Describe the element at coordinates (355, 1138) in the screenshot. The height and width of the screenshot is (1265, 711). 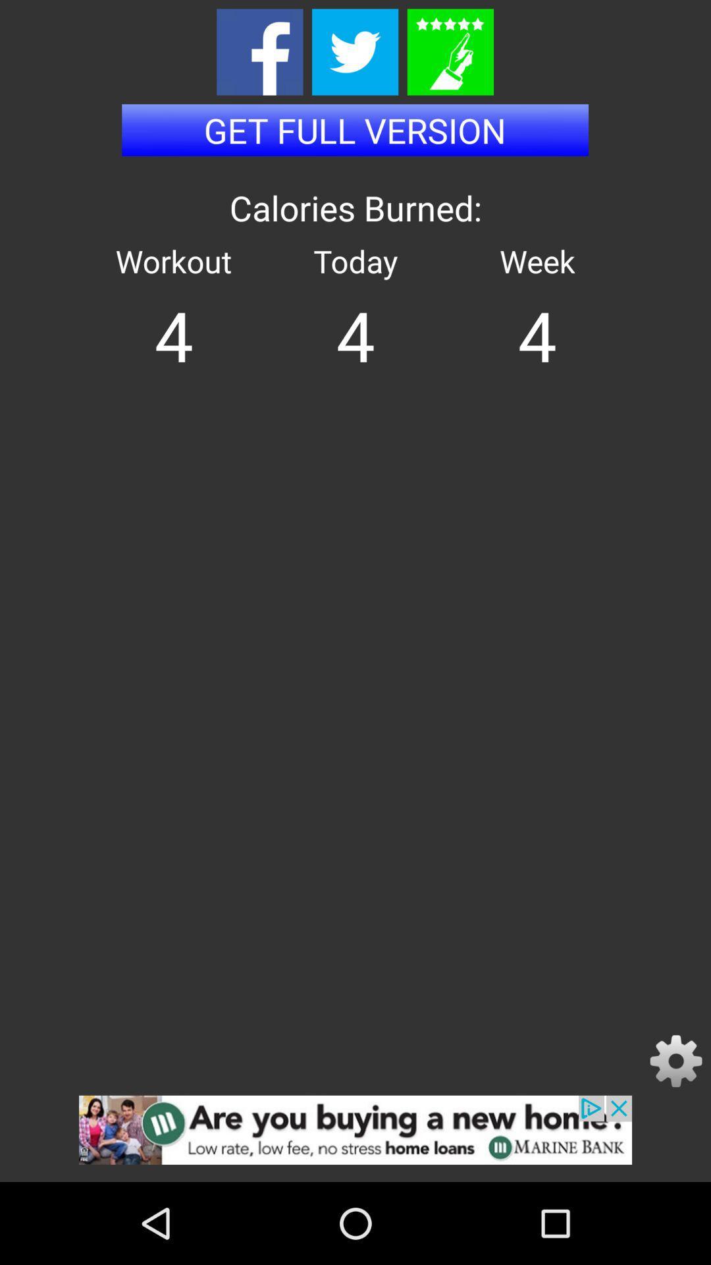
I see `opens advertisement` at that location.